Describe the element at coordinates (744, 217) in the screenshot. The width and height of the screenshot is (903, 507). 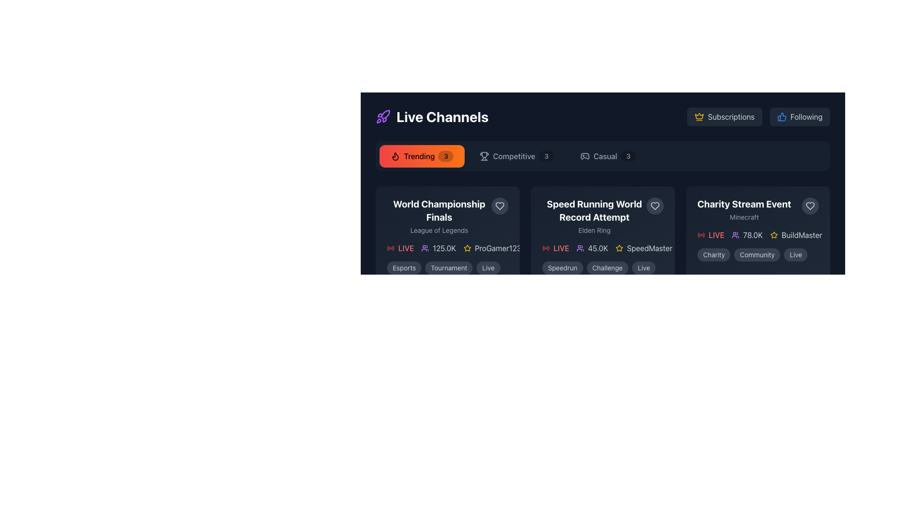
I see `the text label displaying 'Minecraft' which is centrally aligned under the title 'Charity Stream Event' in the last card of the live stream event row` at that location.